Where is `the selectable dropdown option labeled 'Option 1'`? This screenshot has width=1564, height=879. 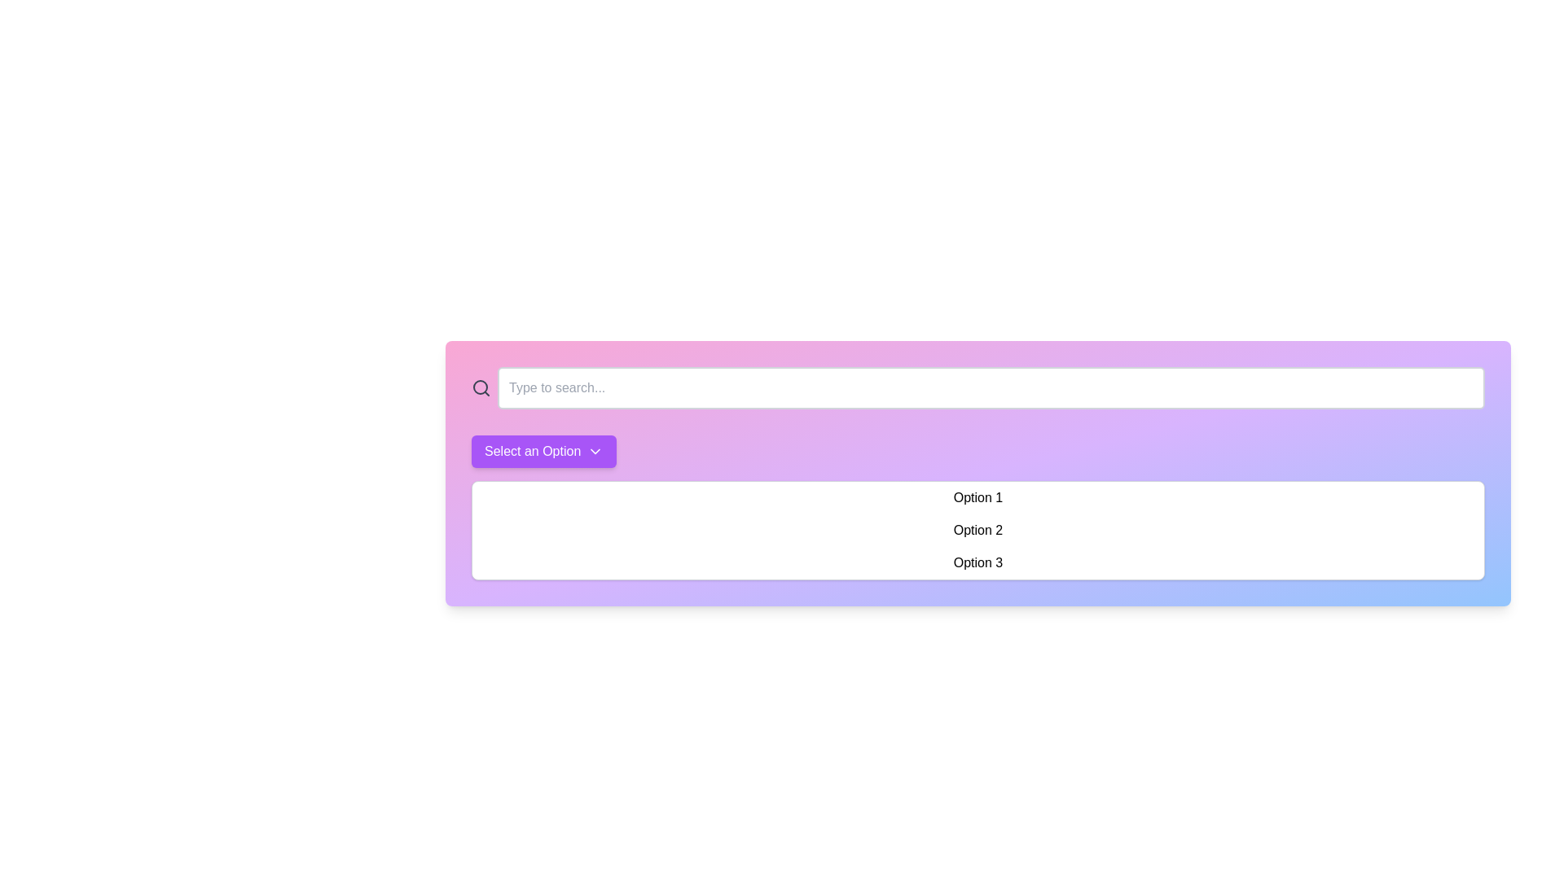
the selectable dropdown option labeled 'Option 1' is located at coordinates (977, 497).